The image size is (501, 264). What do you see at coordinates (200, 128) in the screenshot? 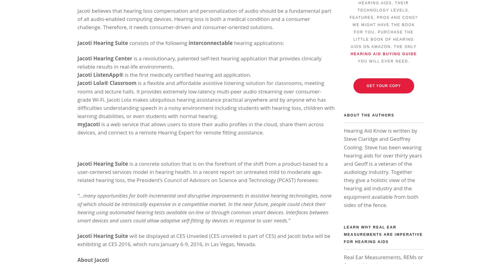
I see `'is a web service that allows users to store their audio profiles in the cloud, share them across devices, and connect to a remote Hearing Expert for remote fitting assistance.'` at bounding box center [200, 128].